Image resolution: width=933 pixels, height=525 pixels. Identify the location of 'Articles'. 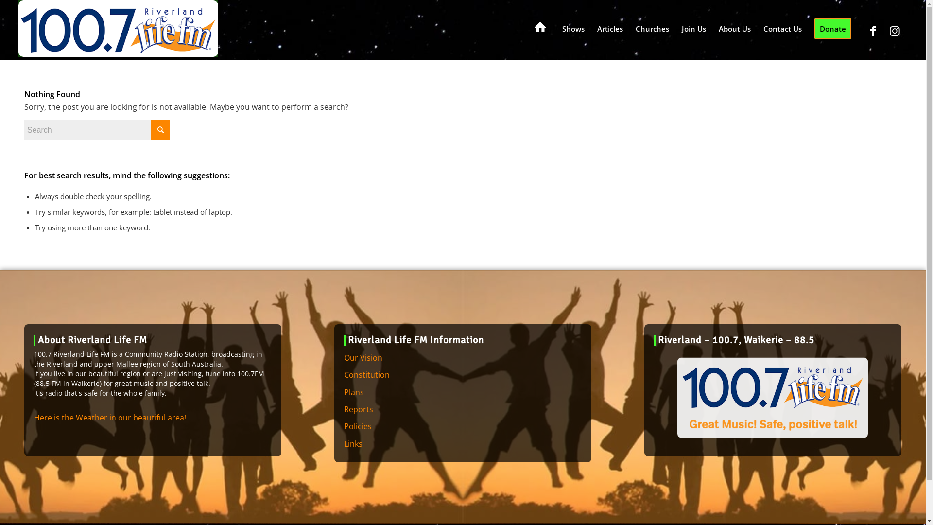
(609, 28).